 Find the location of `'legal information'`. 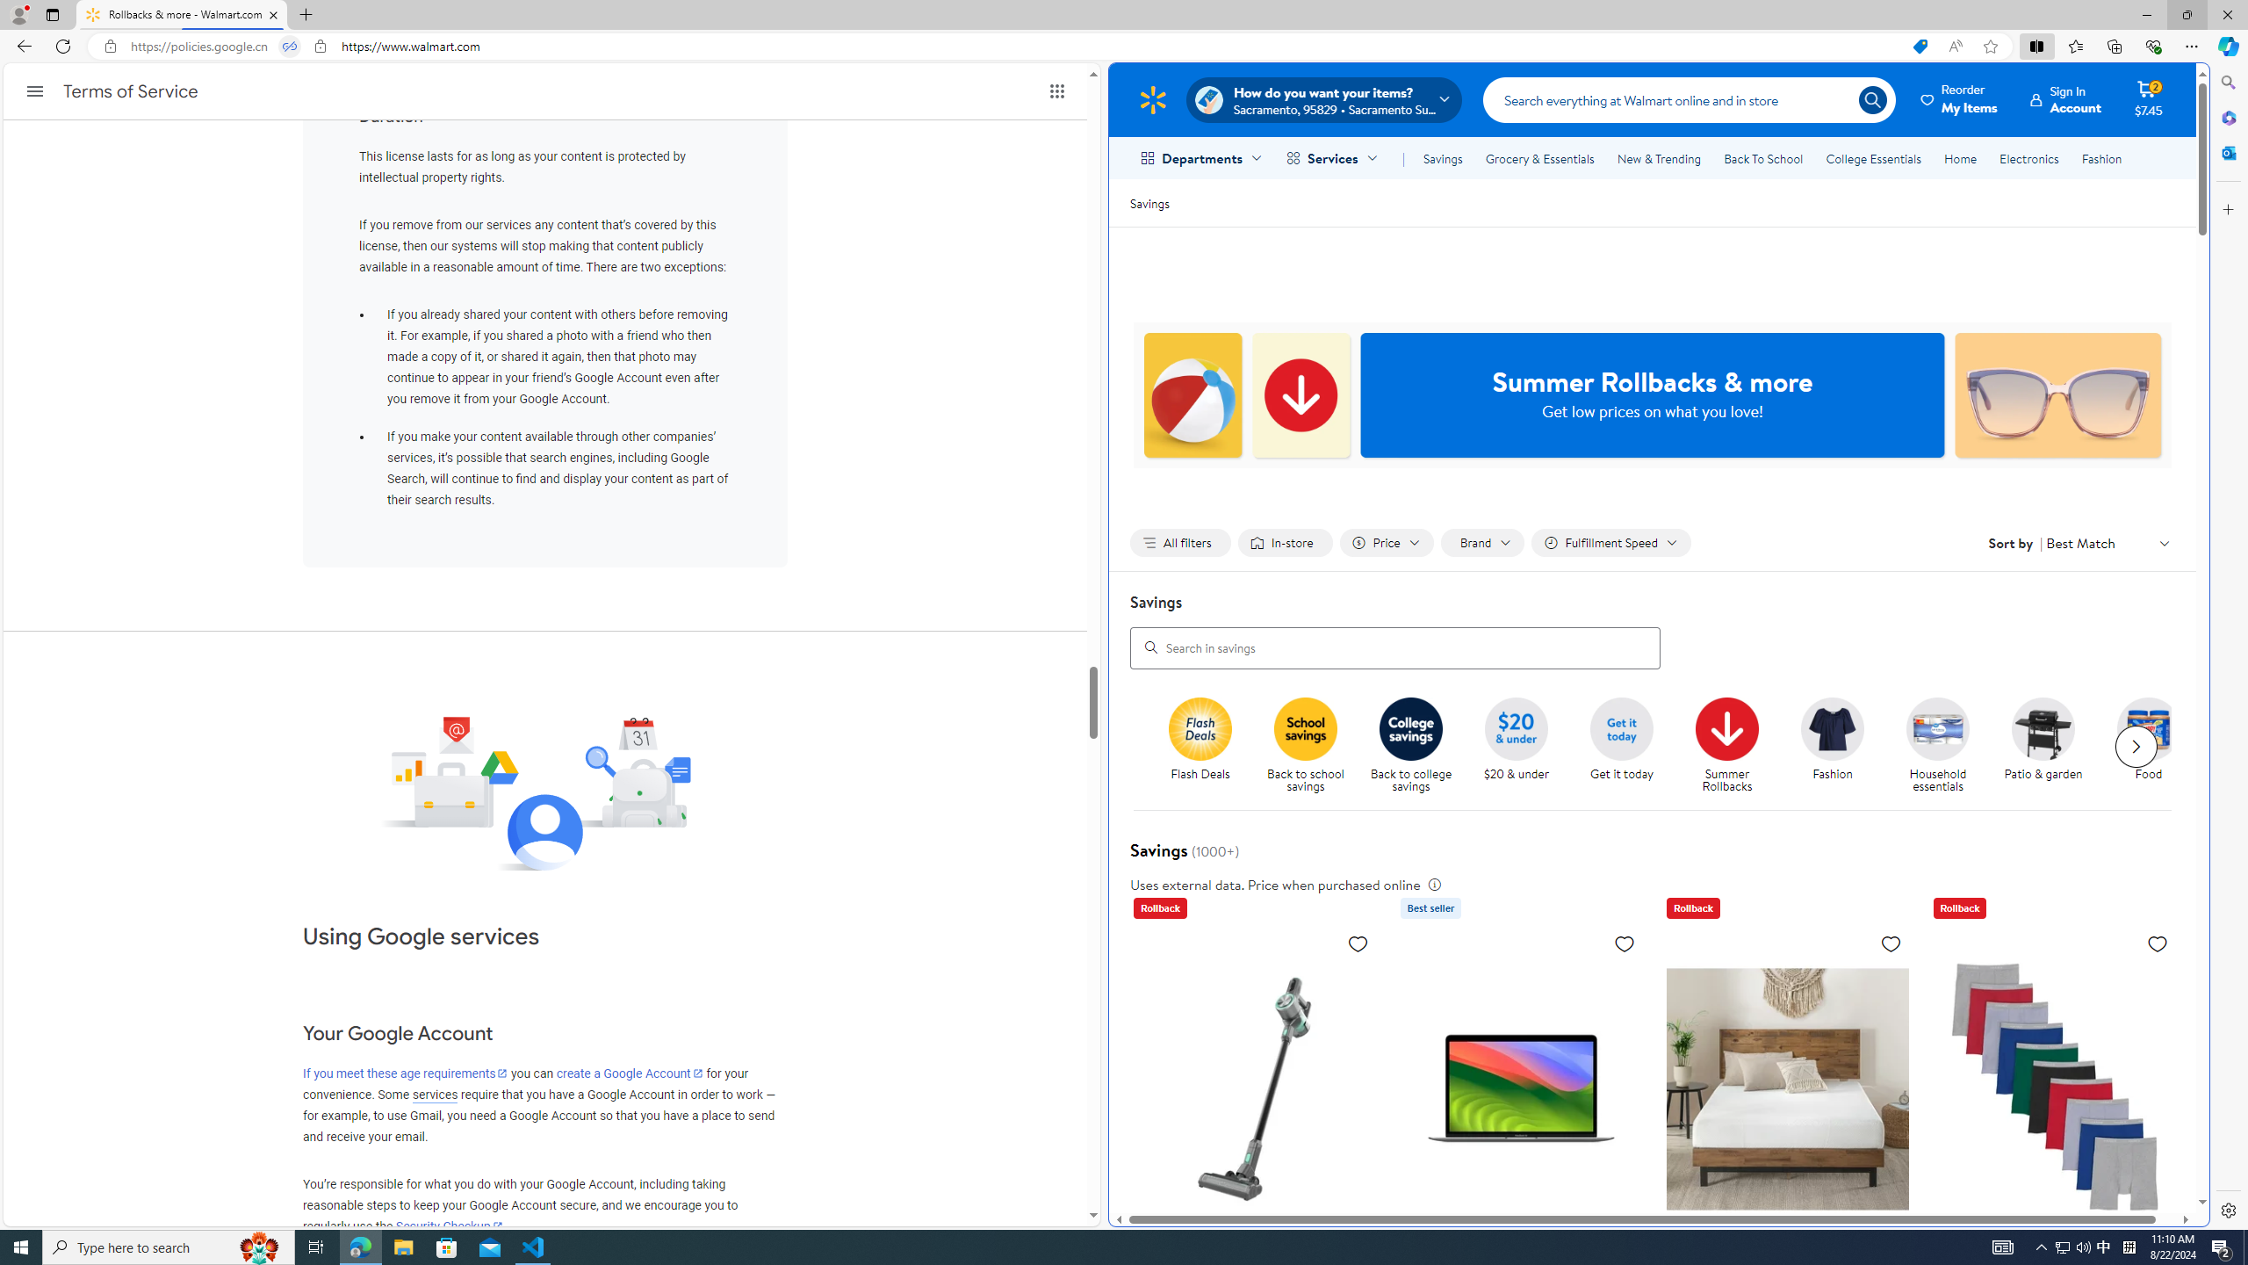

'legal information' is located at coordinates (1433, 884).